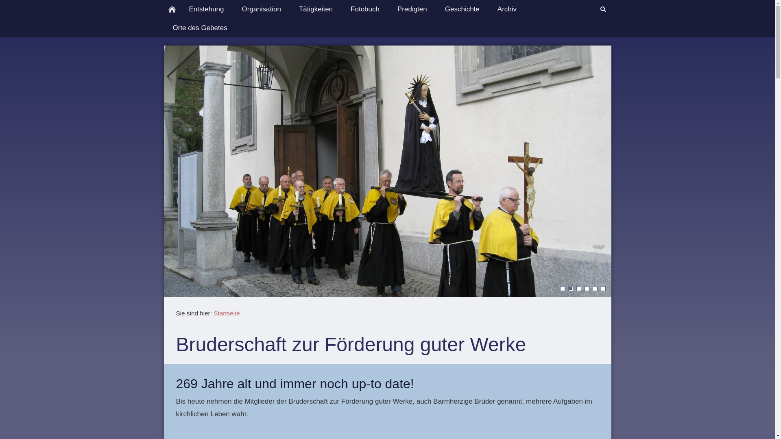 The image size is (781, 439). What do you see at coordinates (206, 9) in the screenshot?
I see `'Entstehung'` at bounding box center [206, 9].